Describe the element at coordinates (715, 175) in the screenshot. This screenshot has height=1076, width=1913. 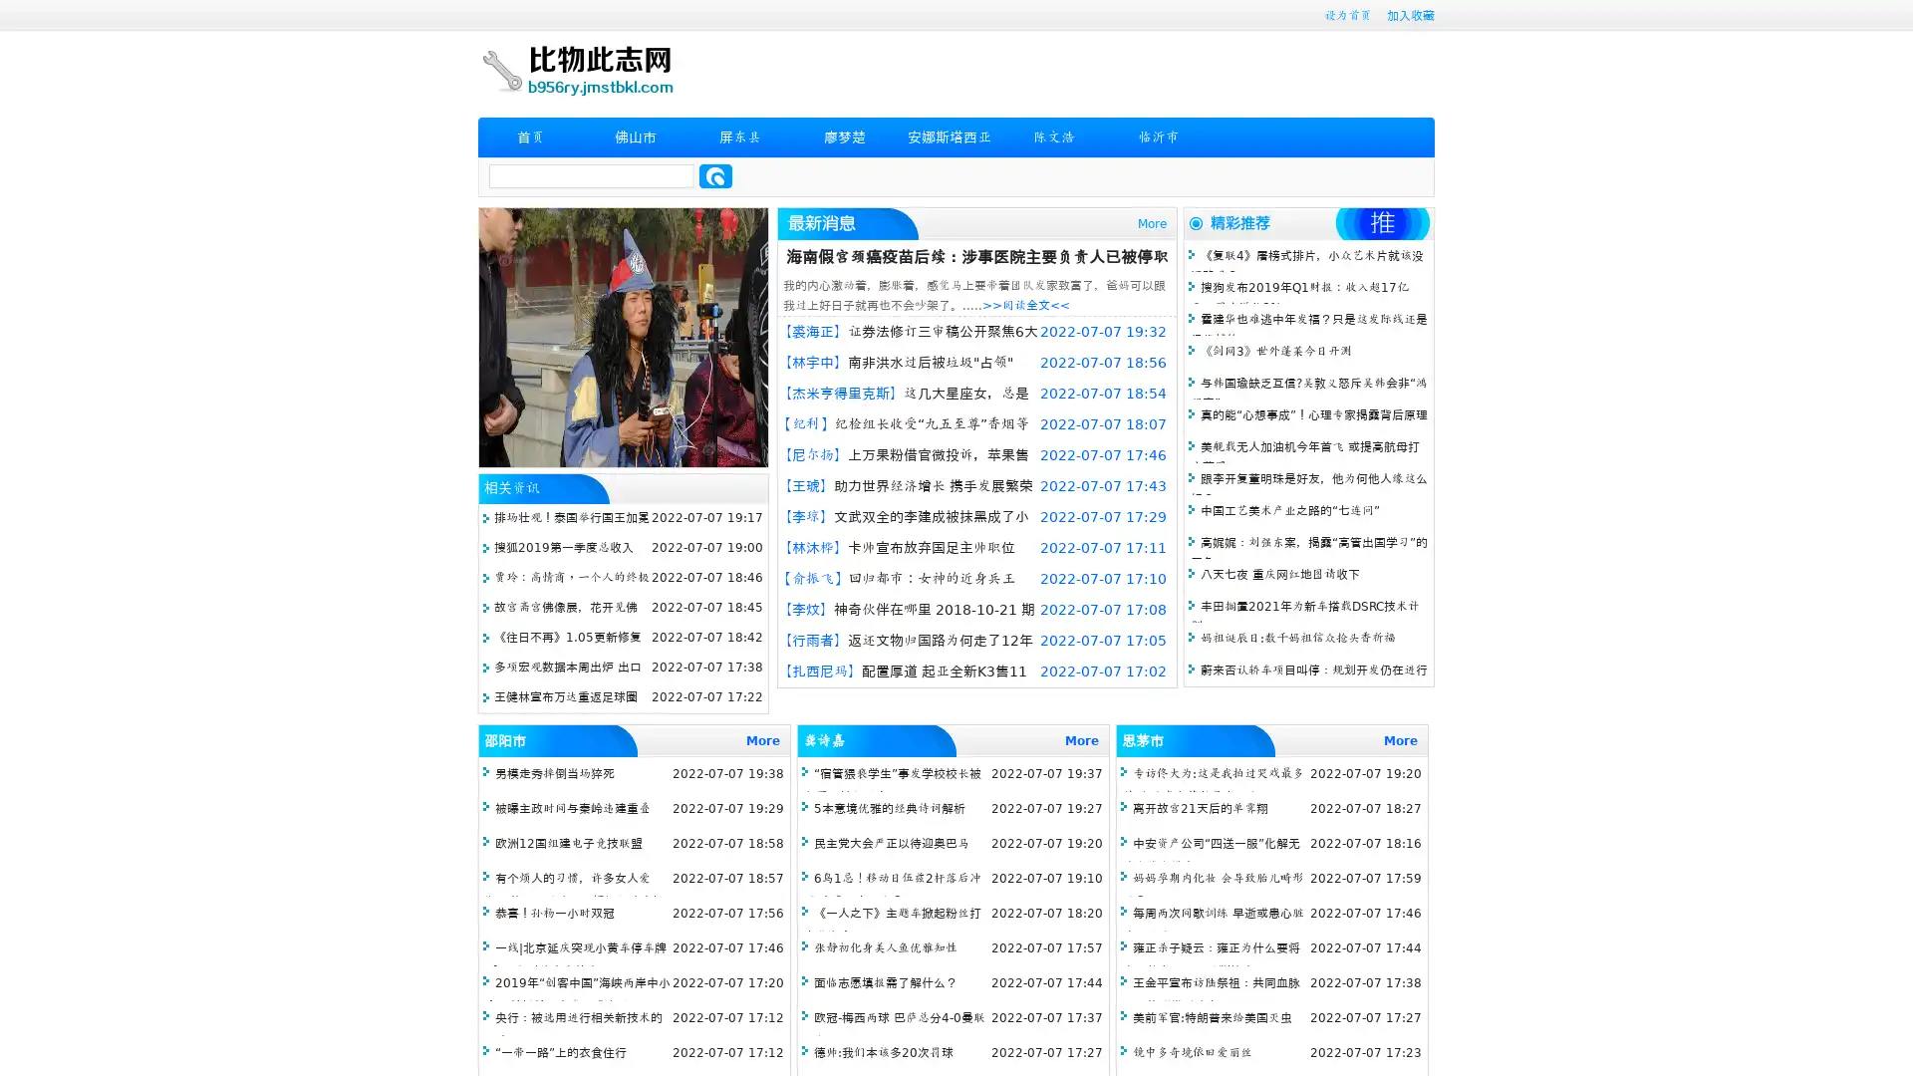
I see `Search` at that location.